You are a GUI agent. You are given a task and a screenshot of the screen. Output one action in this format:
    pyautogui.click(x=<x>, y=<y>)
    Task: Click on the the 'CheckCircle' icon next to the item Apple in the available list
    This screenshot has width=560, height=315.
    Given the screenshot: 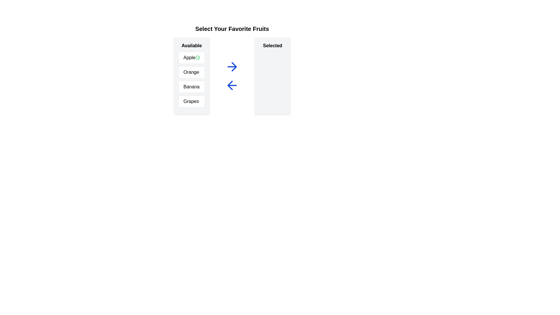 What is the action you would take?
    pyautogui.click(x=197, y=57)
    